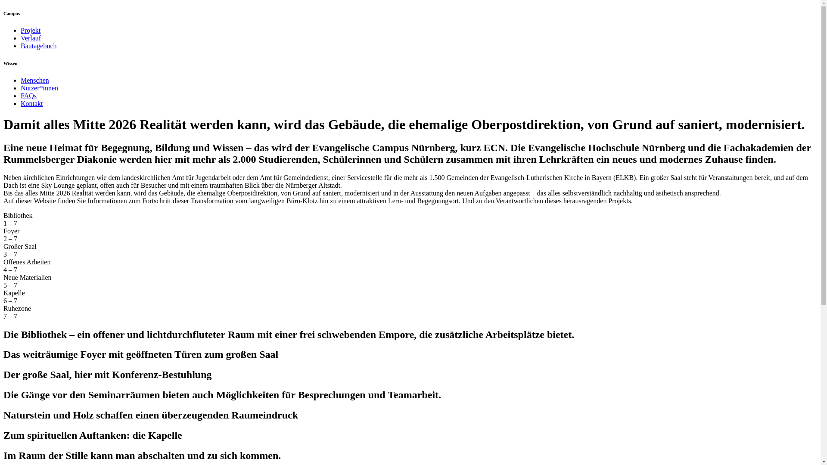  What do you see at coordinates (34, 80) in the screenshot?
I see `'Menschen'` at bounding box center [34, 80].